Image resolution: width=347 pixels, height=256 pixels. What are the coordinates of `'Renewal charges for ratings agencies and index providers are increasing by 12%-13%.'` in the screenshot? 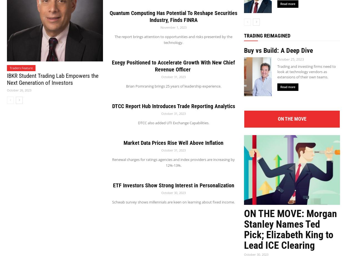 It's located at (173, 162).